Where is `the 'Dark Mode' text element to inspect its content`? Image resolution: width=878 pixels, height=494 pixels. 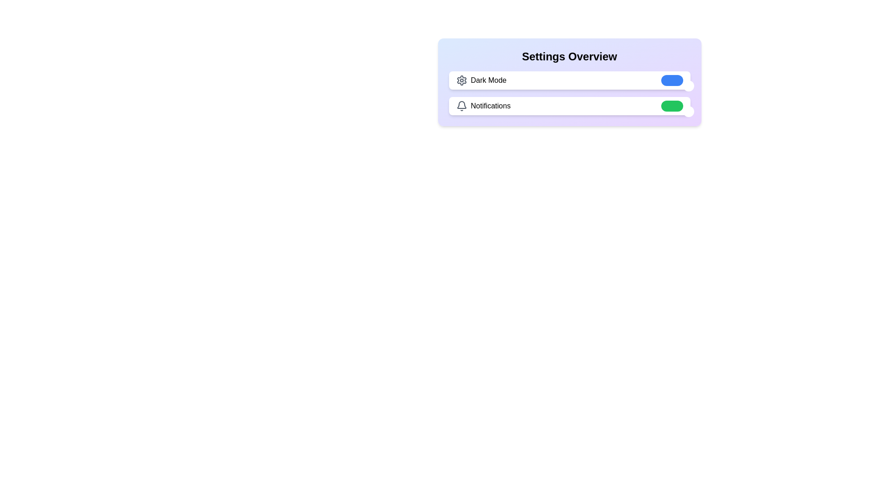 the 'Dark Mode' text element to inspect its content is located at coordinates (481, 80).